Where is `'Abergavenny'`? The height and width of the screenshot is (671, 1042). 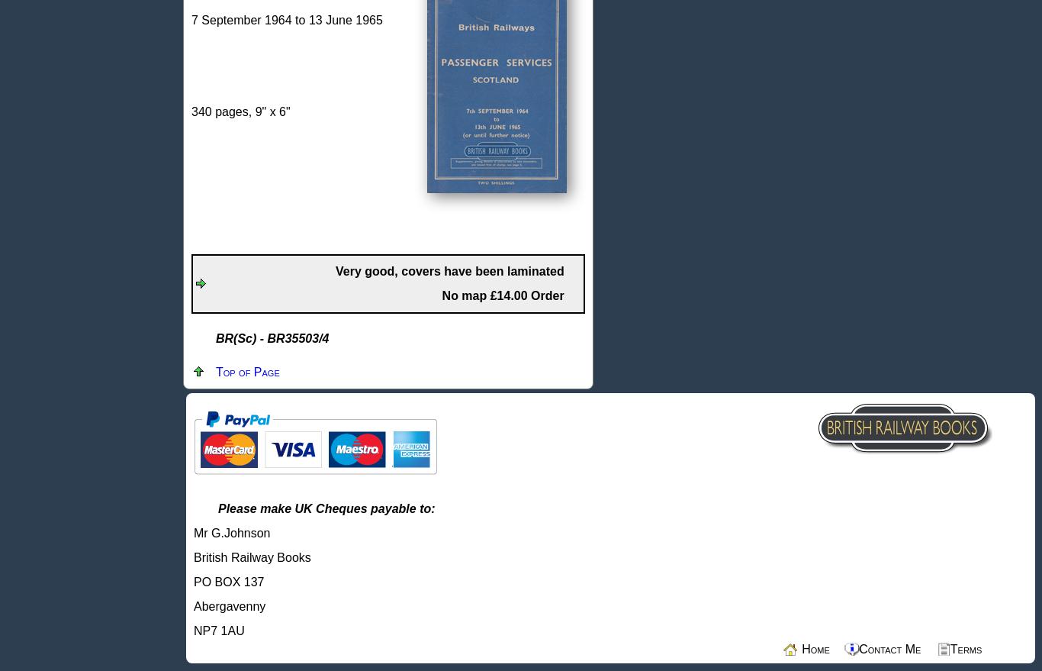
'Abergavenny' is located at coordinates (230, 606).